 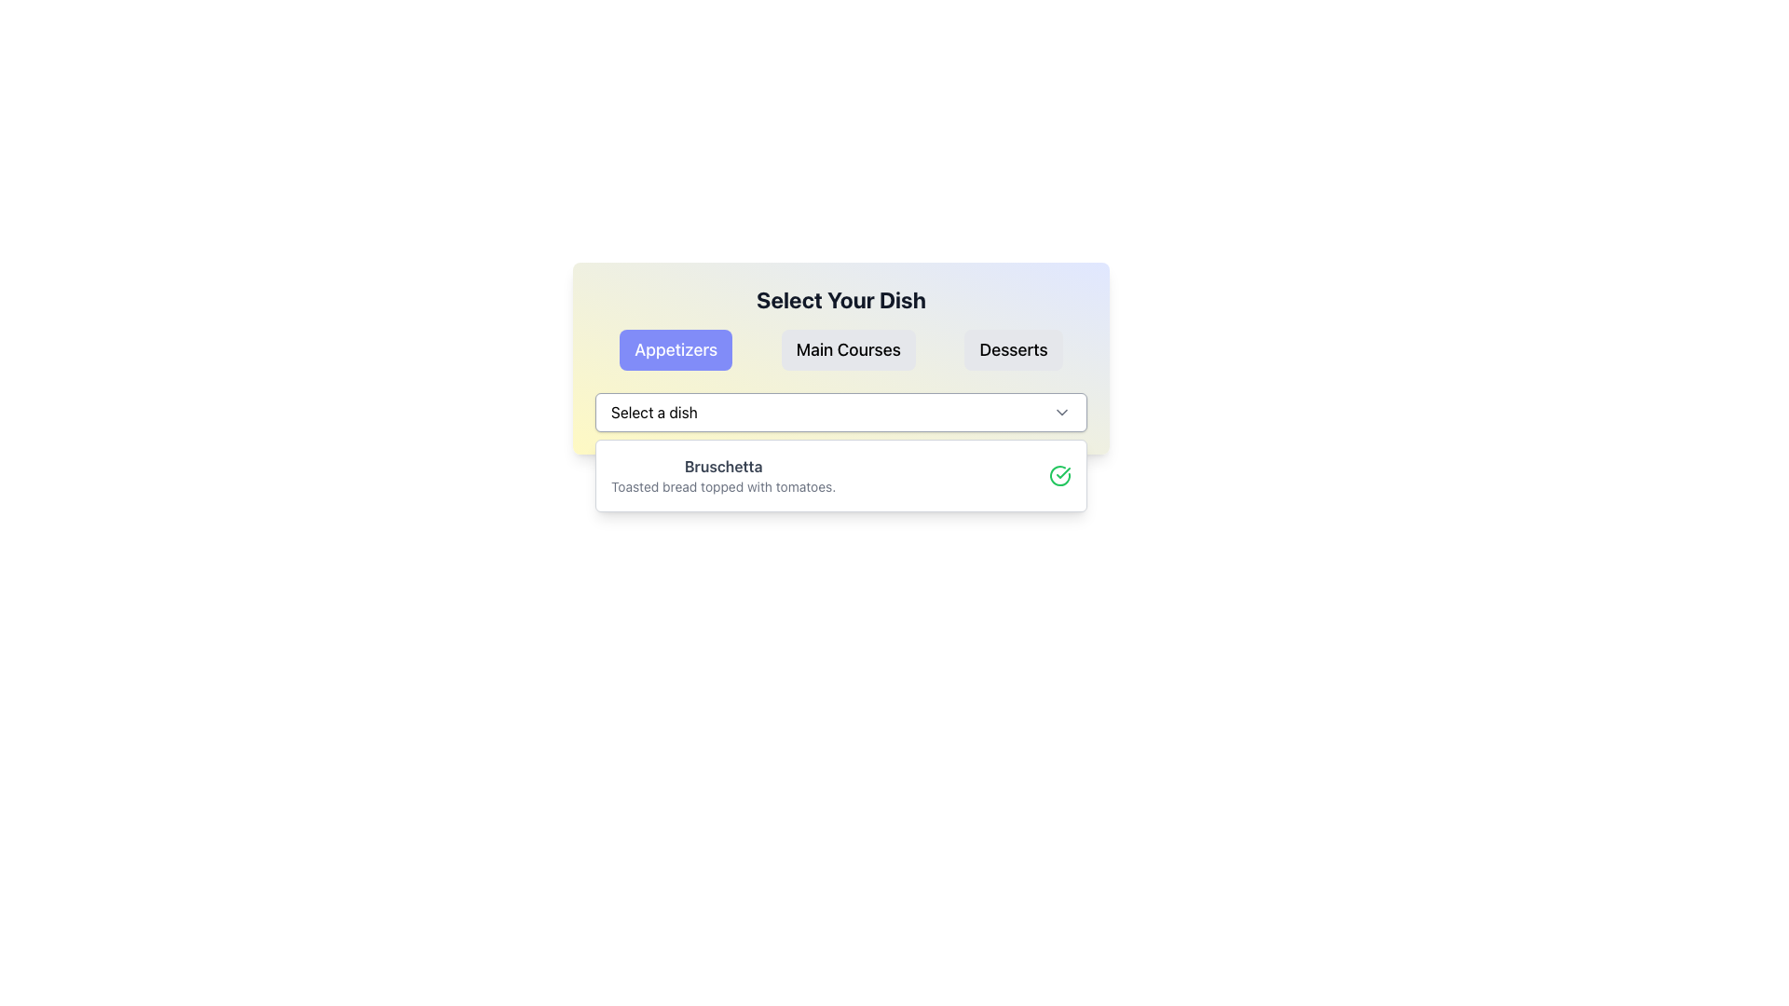 What do you see at coordinates (722, 486) in the screenshot?
I see `the non-interactive text label providing additional information about 'Bruschetta', which is positioned centrally beneath the heading in a dropdown-like list box` at bounding box center [722, 486].